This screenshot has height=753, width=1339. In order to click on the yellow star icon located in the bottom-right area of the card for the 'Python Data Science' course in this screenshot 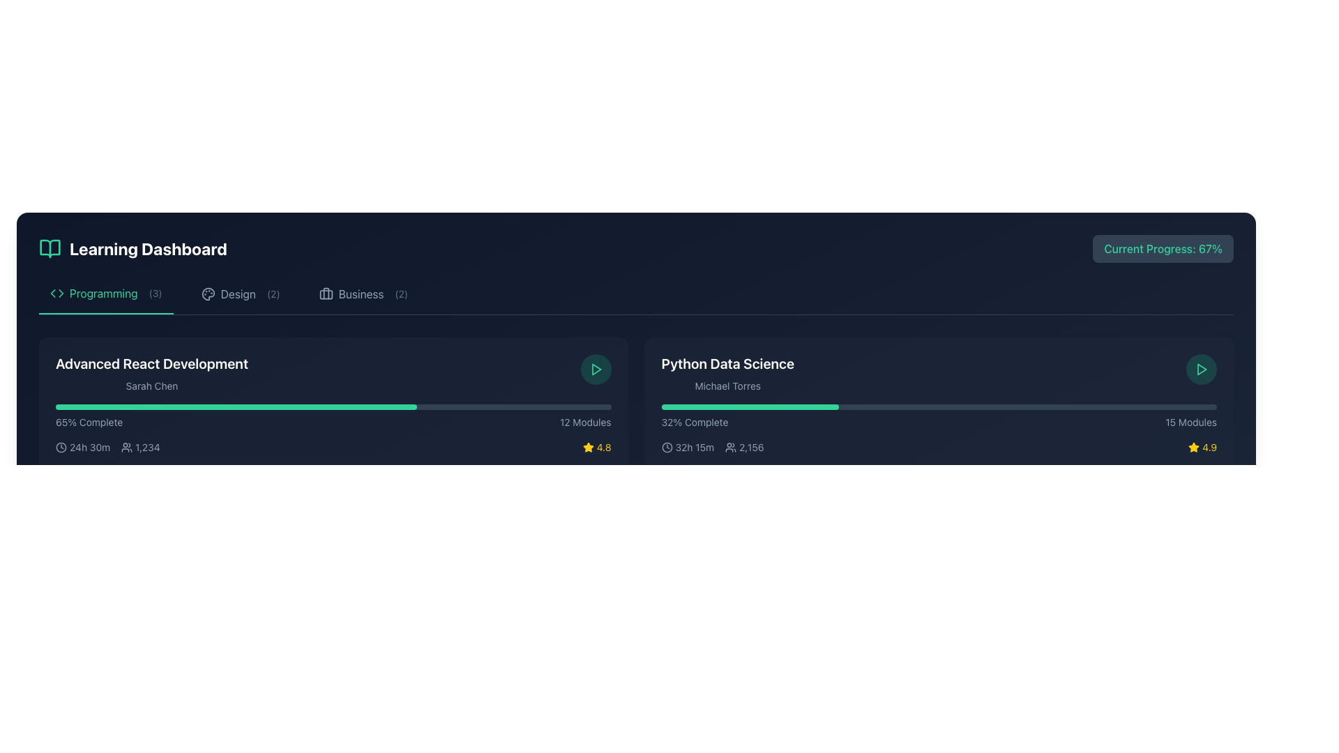, I will do `click(588, 447)`.